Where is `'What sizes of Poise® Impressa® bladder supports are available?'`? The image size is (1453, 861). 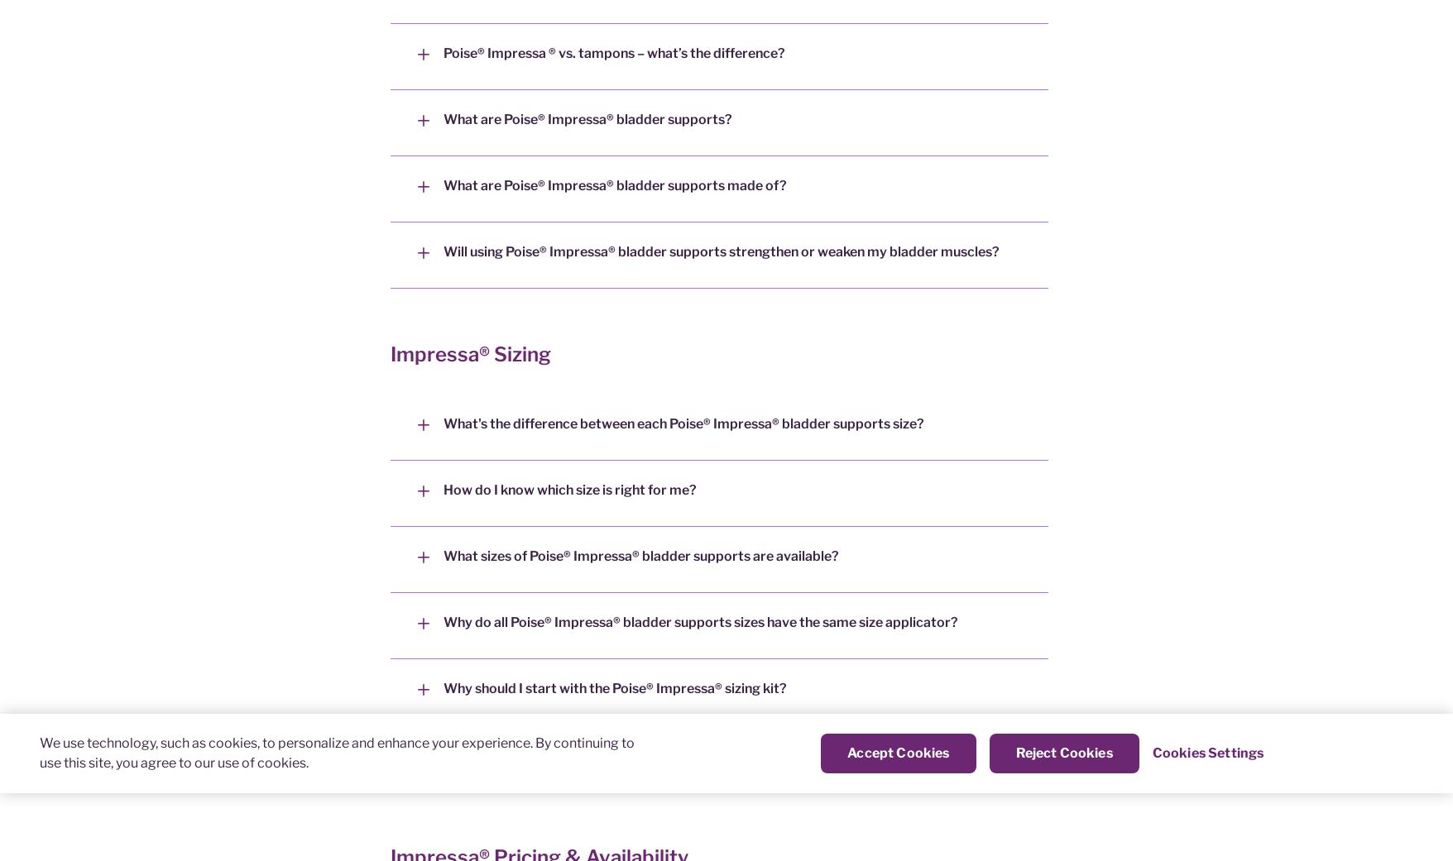 'What sizes of Poise® Impressa® bladder supports are available?' is located at coordinates (443, 555).